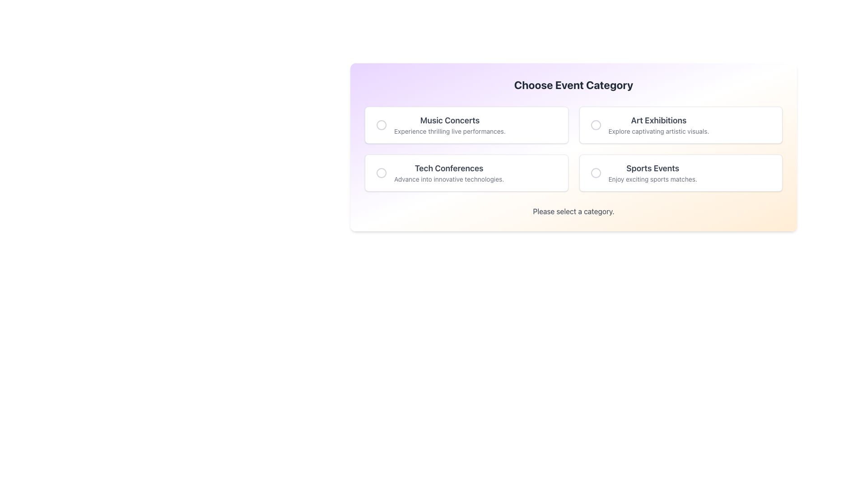 This screenshot has width=867, height=488. I want to click on the circular radio button indicator for the 'Tech Conferences' category, which is the second option in the vertical list of categories, so click(381, 173).